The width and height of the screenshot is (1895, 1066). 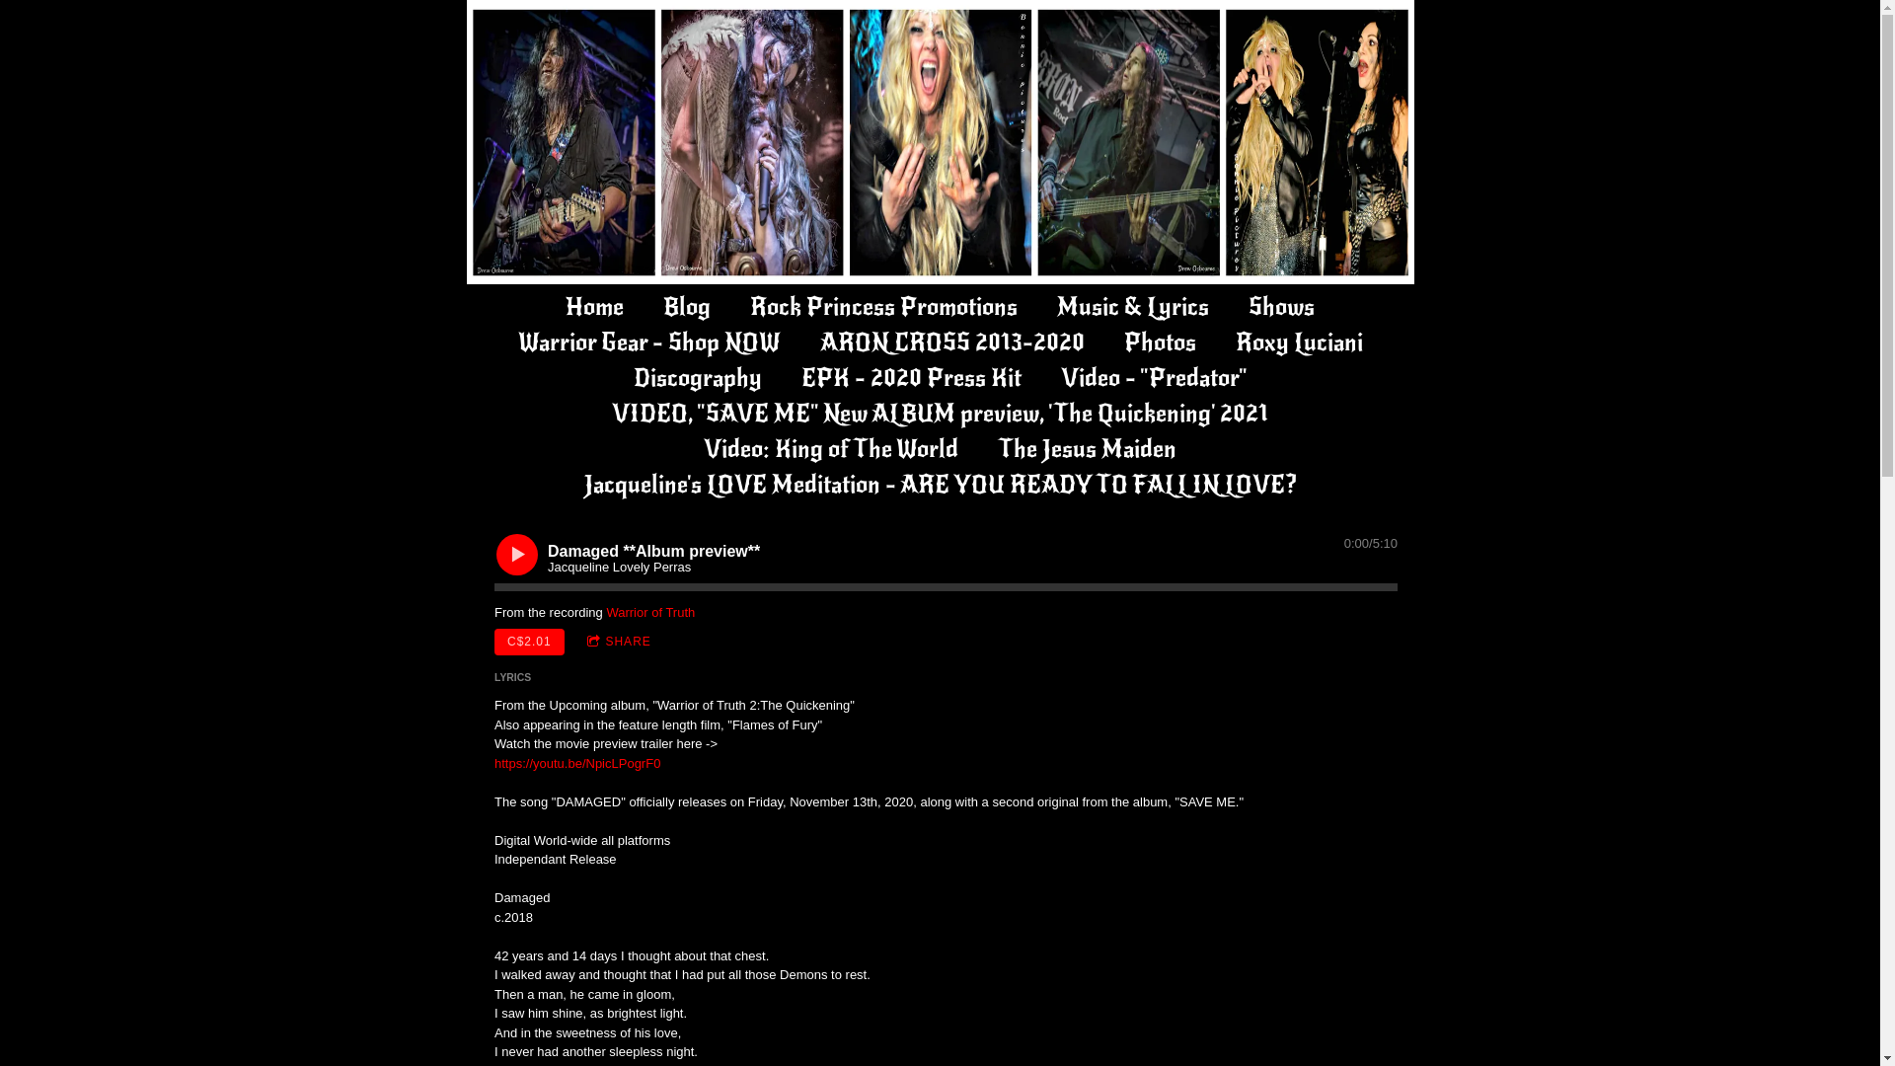 I want to click on 'Photos', so click(x=1159, y=342).